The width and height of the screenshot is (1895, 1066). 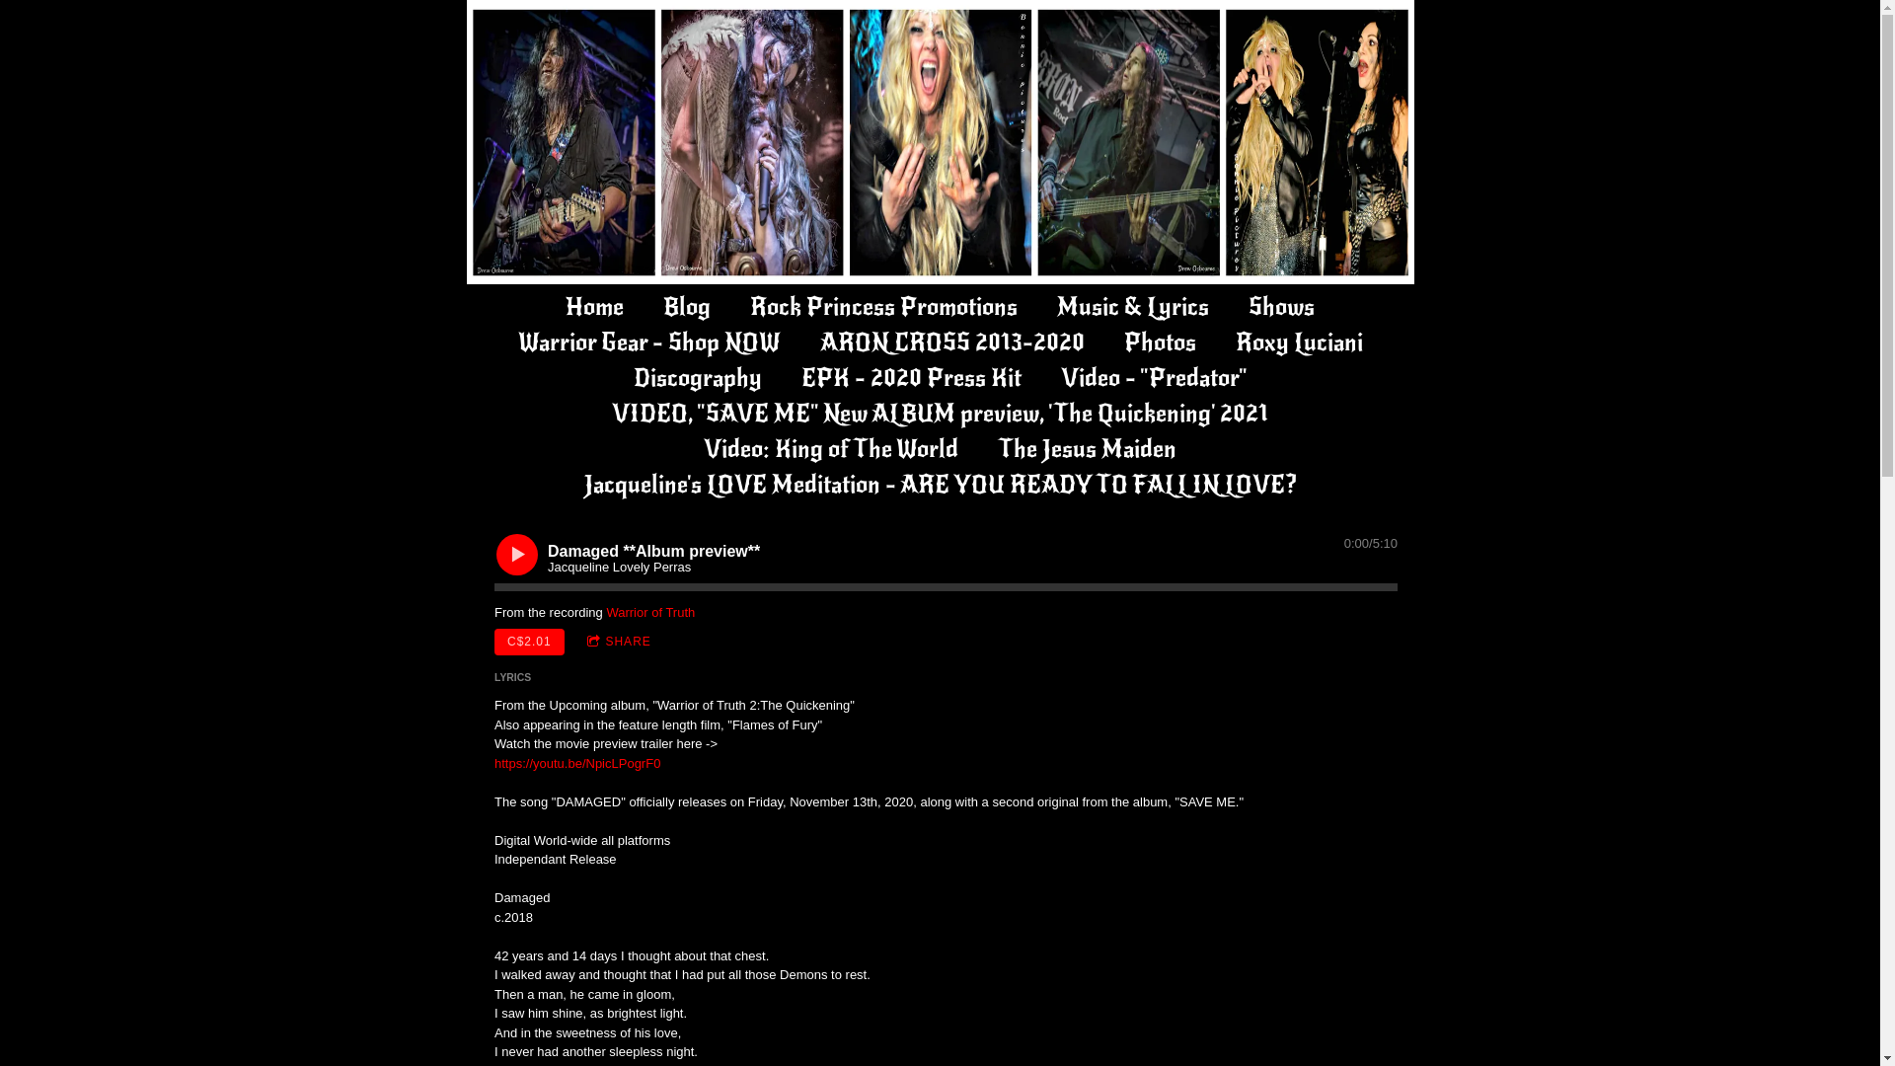 I want to click on 'Photos', so click(x=1159, y=342).